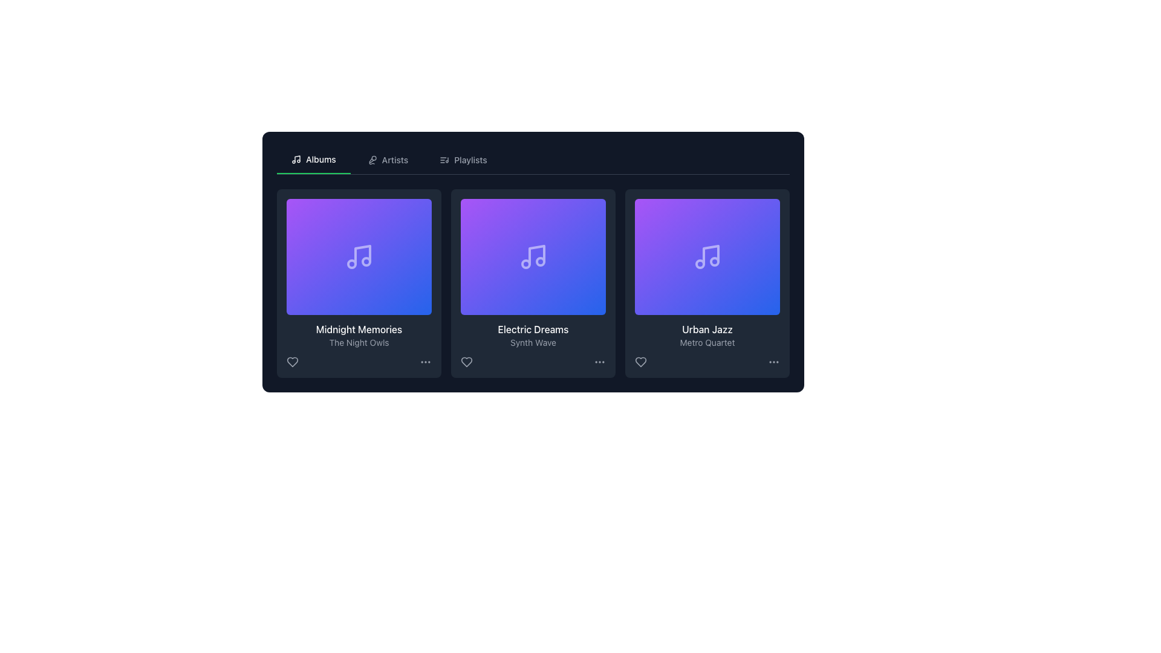 The width and height of the screenshot is (1161, 653). Describe the element at coordinates (707, 336) in the screenshot. I see `text of the Label displaying the title and subtitle of the item located in the third card from the left, positioned below the card's main icon in the lower third of the card` at that location.